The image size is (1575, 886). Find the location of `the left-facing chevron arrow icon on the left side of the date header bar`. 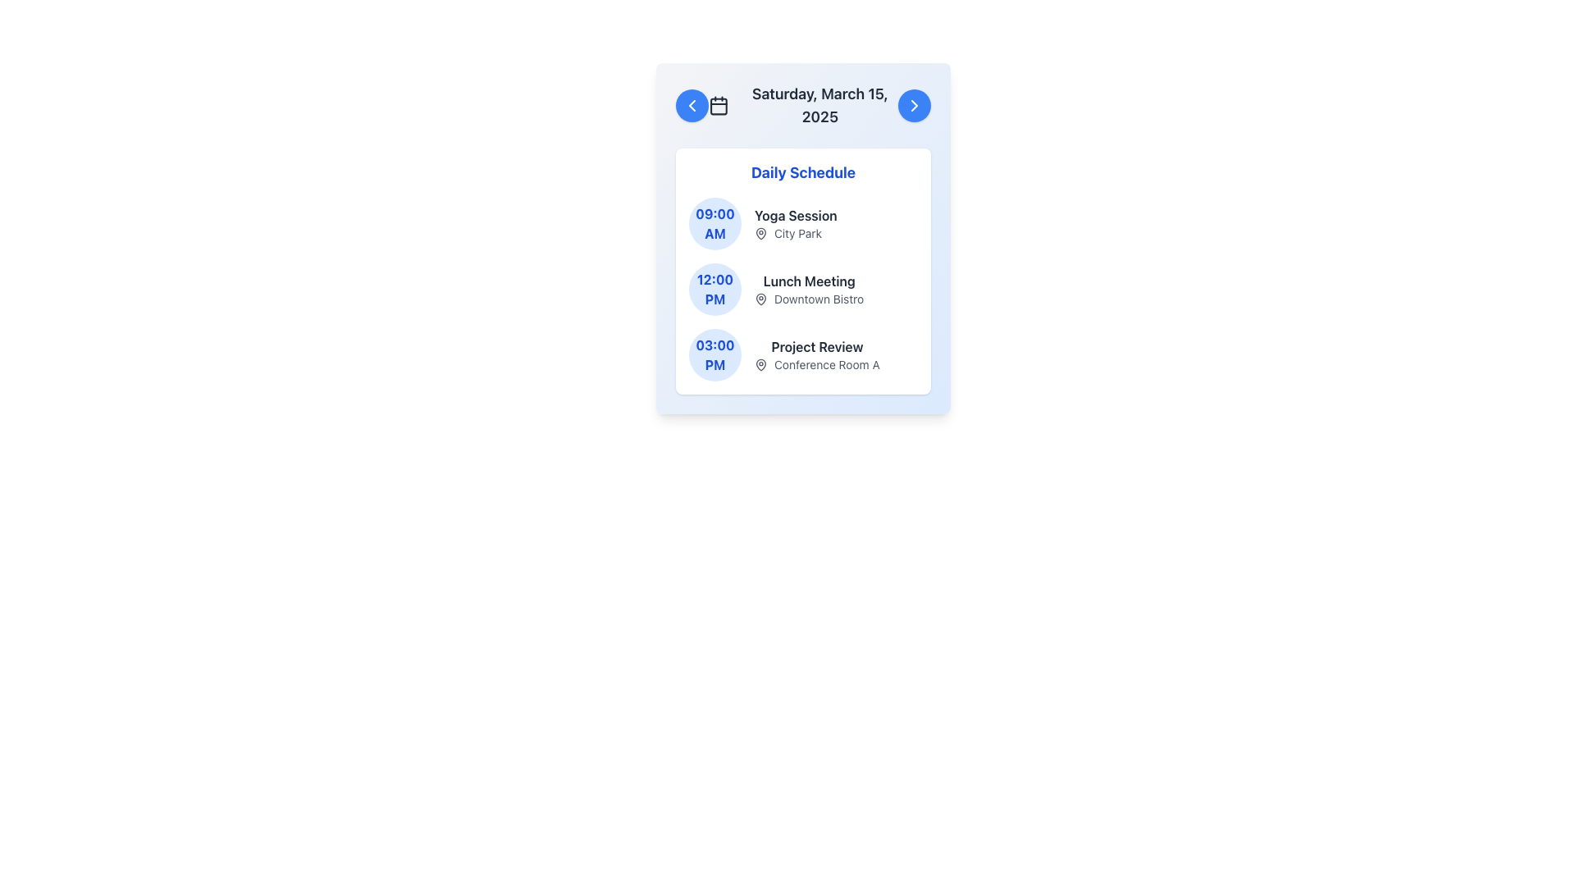

the left-facing chevron arrow icon on the left side of the date header bar is located at coordinates (692, 105).